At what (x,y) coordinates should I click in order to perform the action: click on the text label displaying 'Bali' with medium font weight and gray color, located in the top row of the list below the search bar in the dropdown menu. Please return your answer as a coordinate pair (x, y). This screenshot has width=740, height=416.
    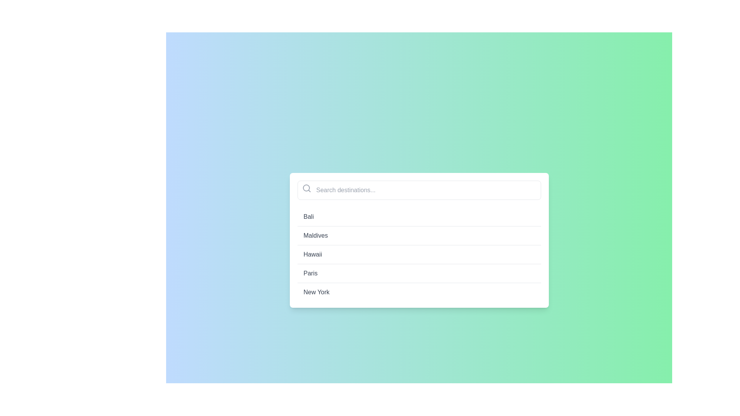
    Looking at the image, I should click on (308, 217).